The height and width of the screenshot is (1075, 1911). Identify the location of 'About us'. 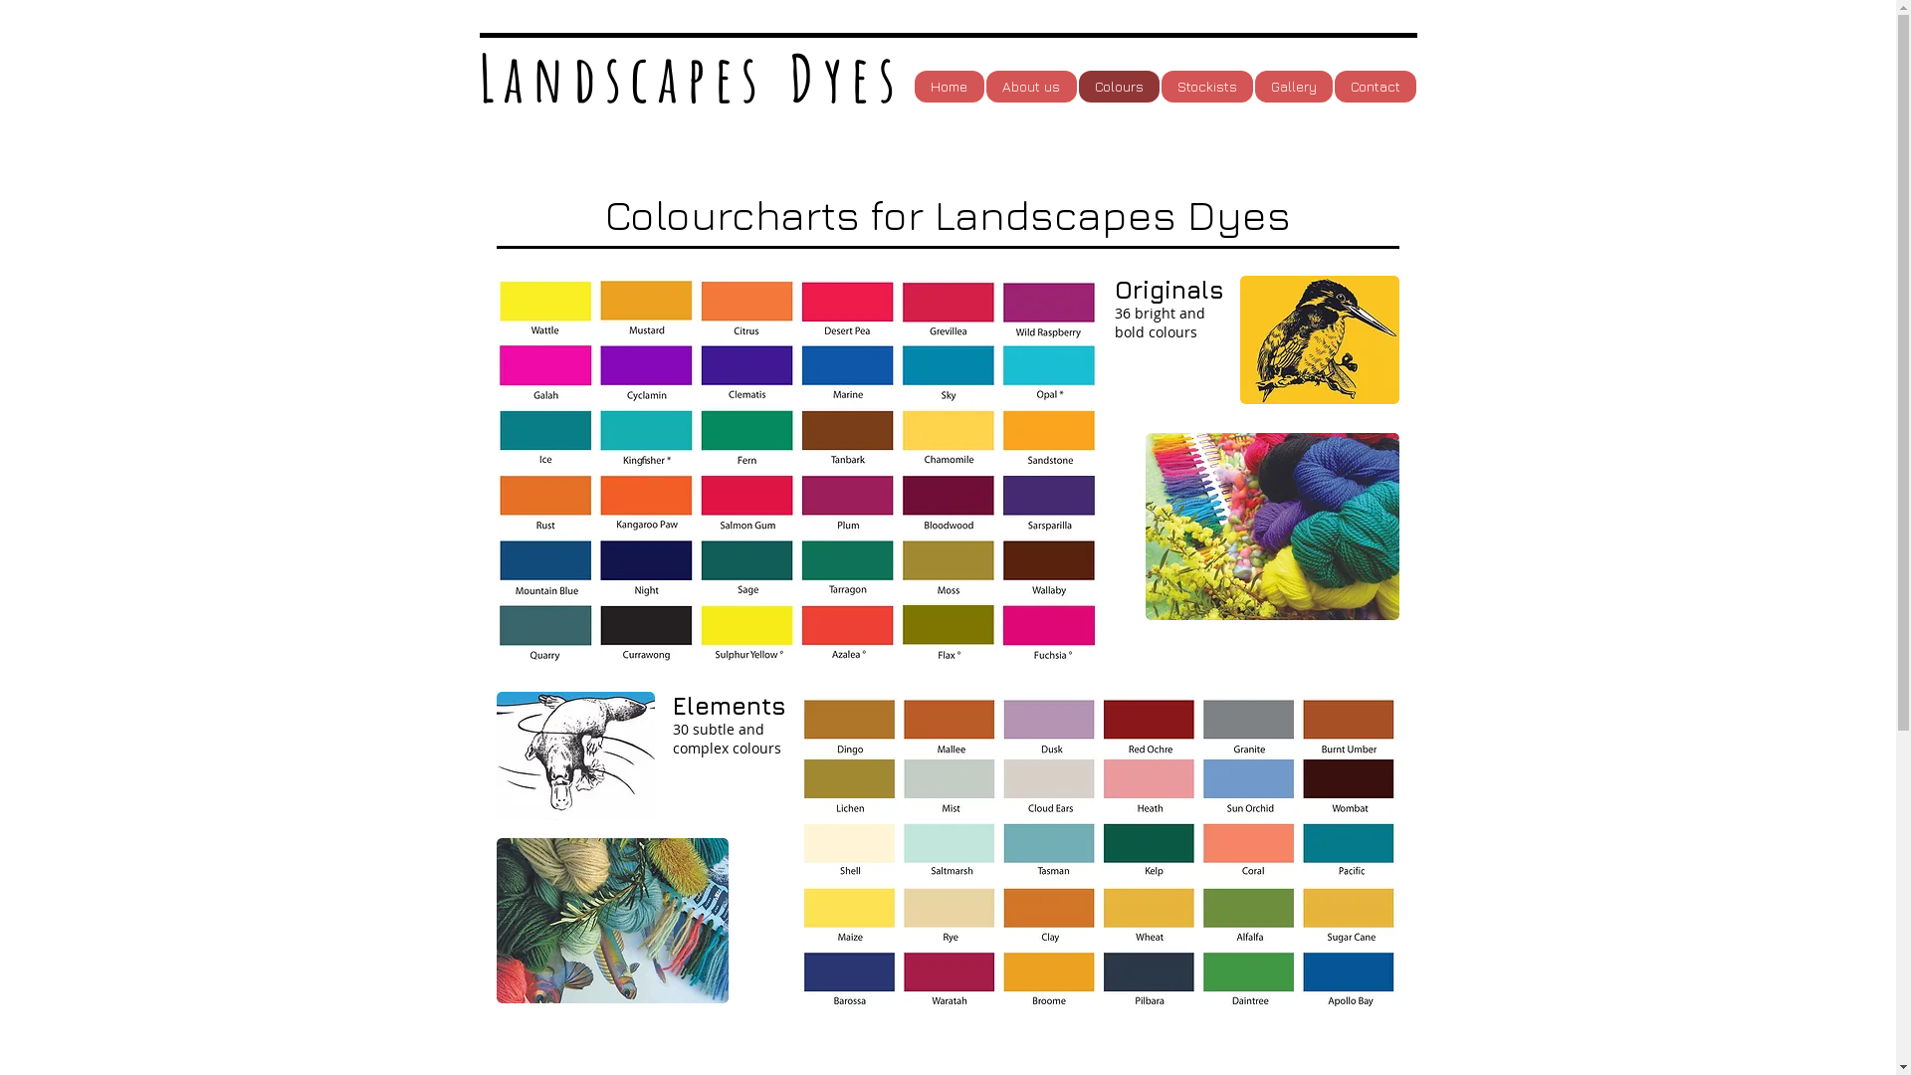
(1030, 86).